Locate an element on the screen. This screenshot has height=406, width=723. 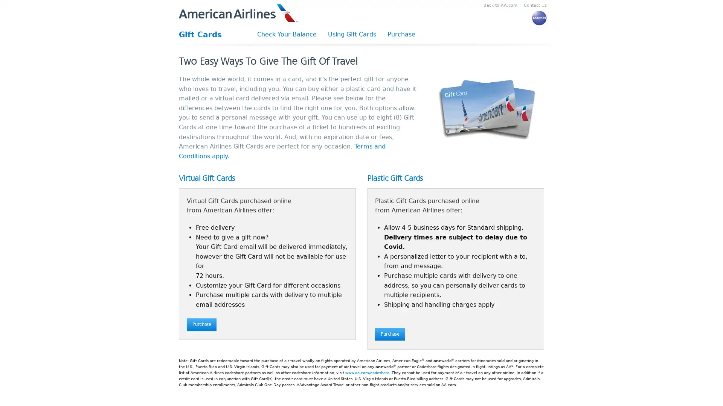
Purchase is located at coordinates (201, 324).